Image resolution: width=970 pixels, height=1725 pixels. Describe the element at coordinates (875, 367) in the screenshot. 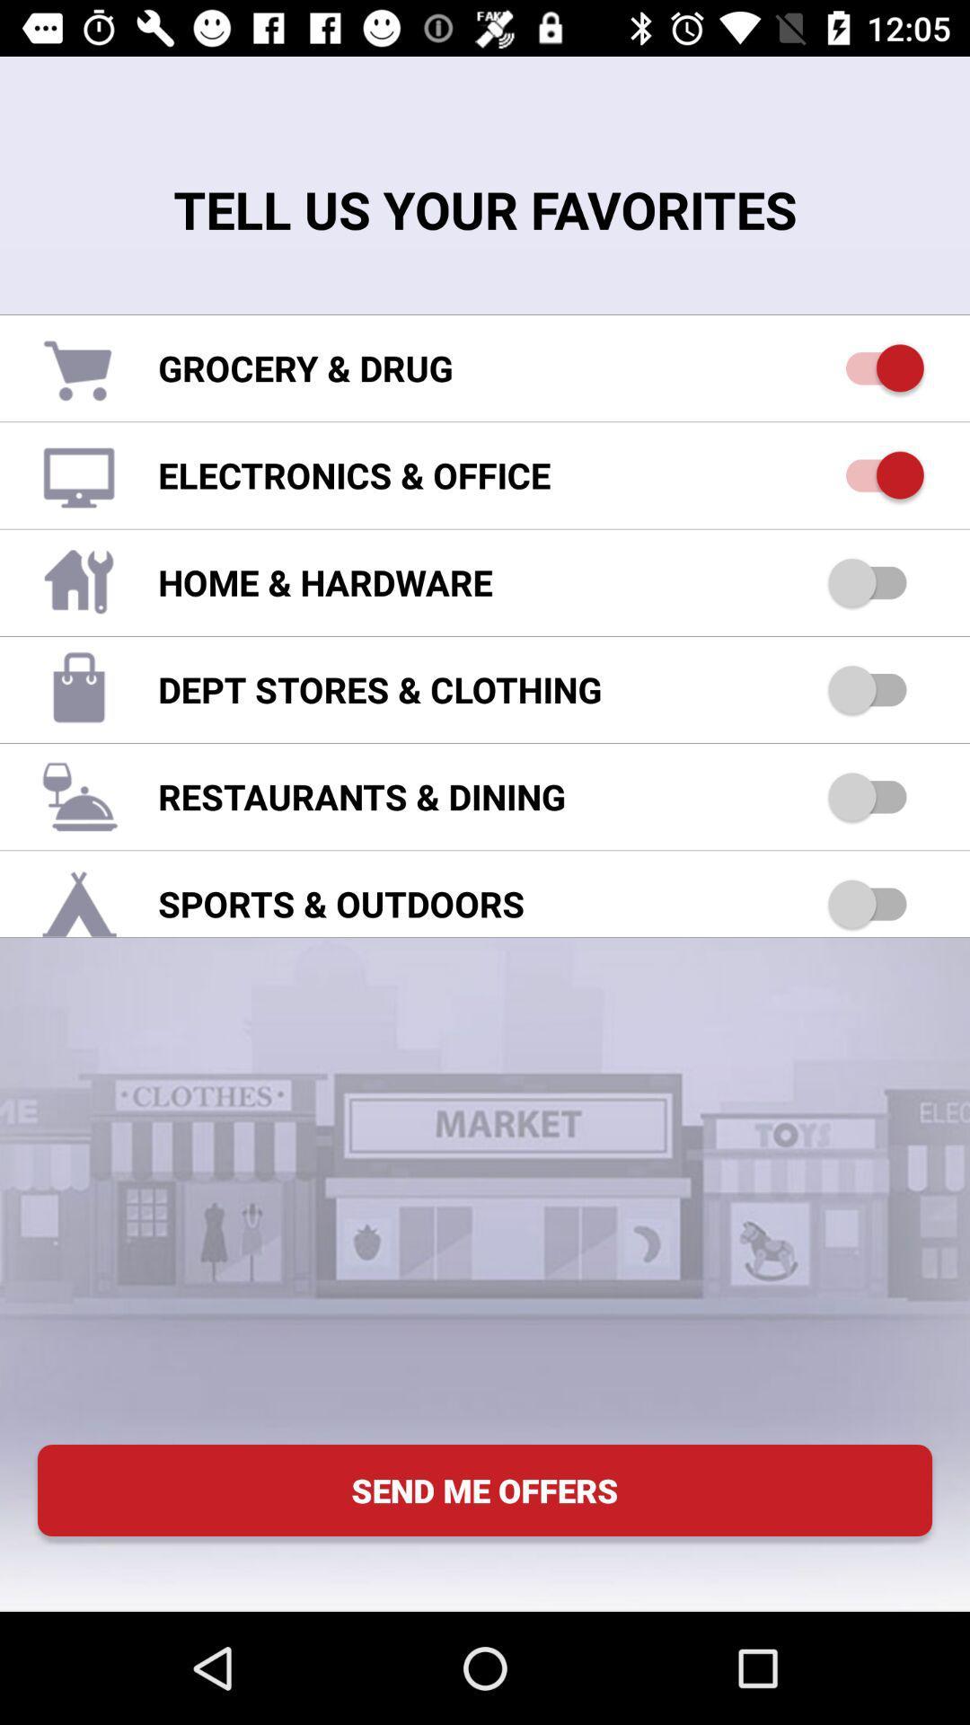

I see `turn off` at that location.